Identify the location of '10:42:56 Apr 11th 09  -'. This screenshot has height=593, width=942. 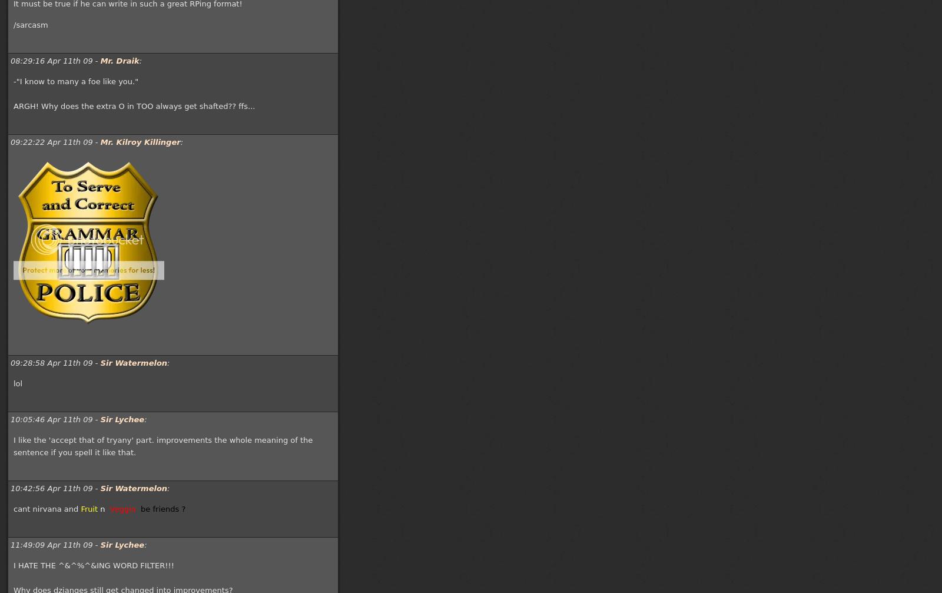
(54, 488).